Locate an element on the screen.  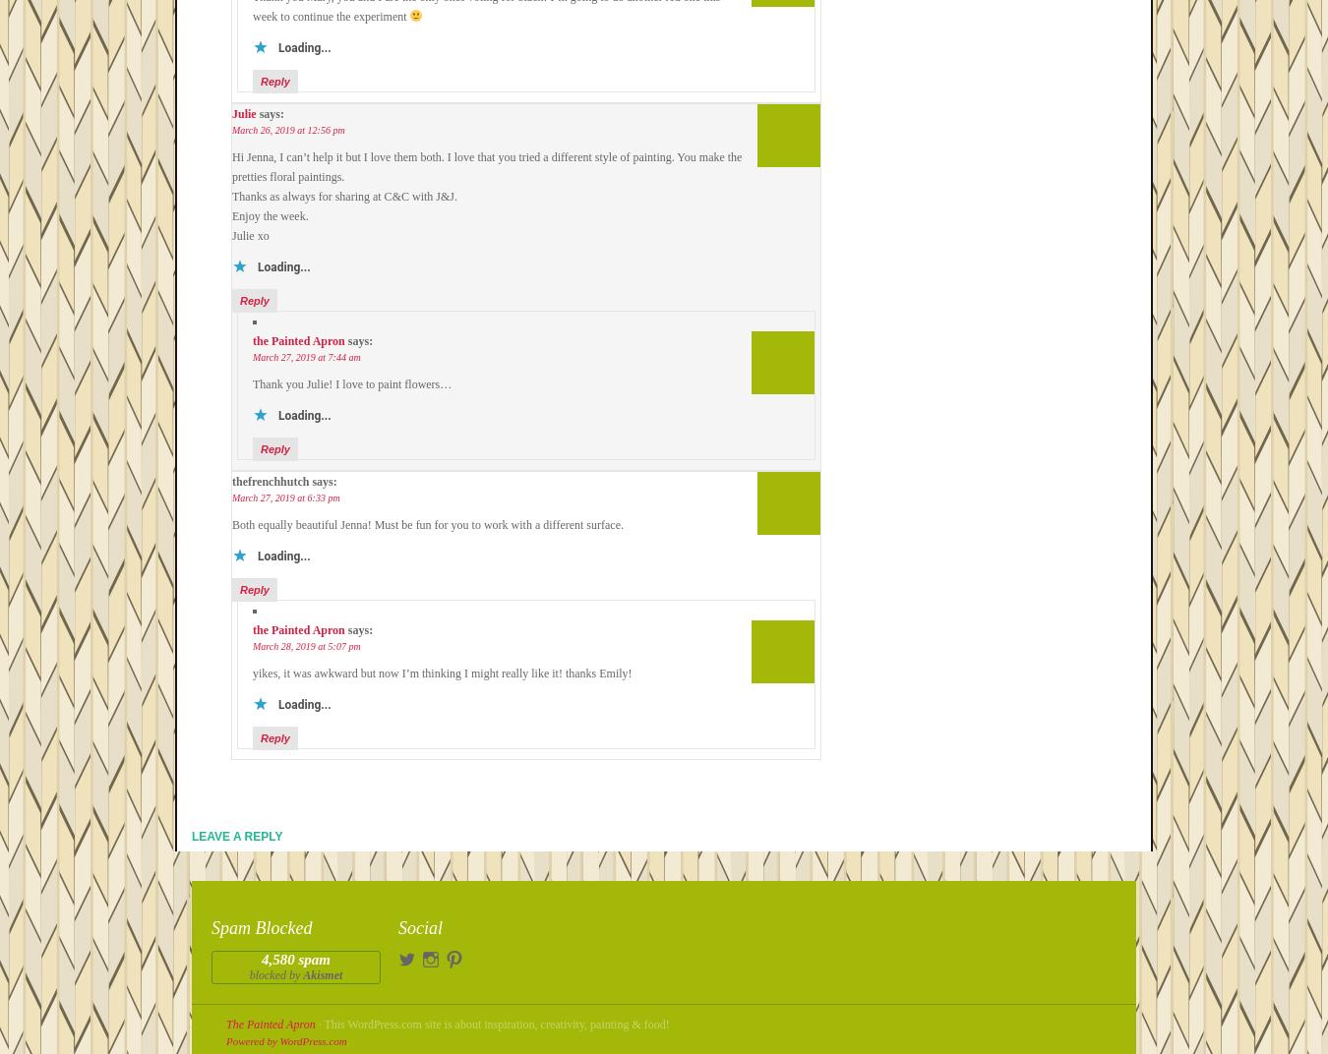
'yikes, it was awkward but now I’m thinking I might really like it! thanks Emily!' is located at coordinates (442, 673).